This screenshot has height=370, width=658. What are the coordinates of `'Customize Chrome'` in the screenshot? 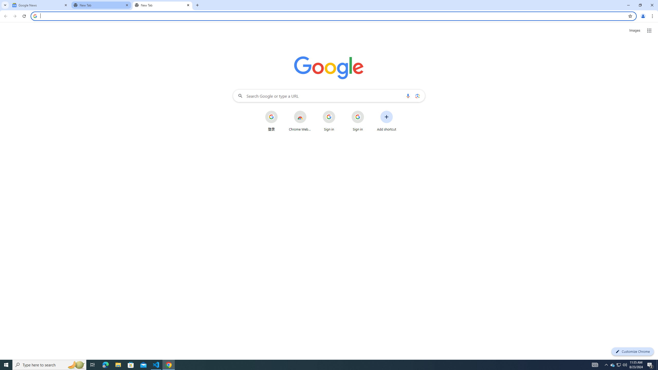 It's located at (633, 351).